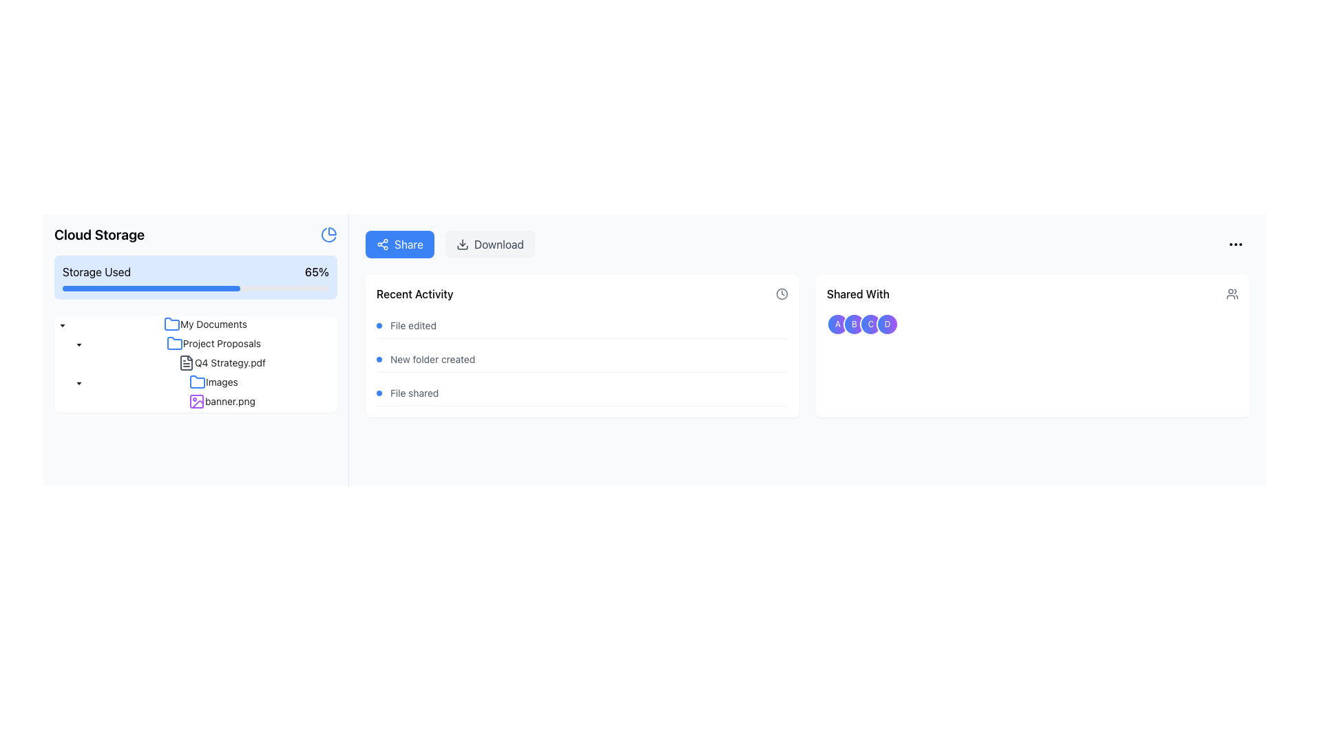  I want to click on the file node located under the collapsed 'Images' folder in the tree view, so click(222, 401).